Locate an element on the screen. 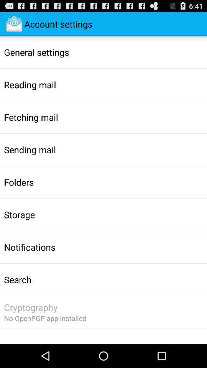  the app below the fetching mail icon is located at coordinates (30, 149).